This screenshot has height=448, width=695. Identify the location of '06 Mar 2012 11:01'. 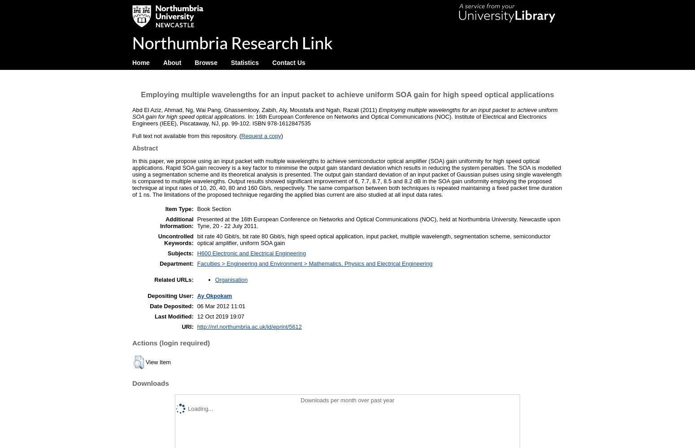
(196, 306).